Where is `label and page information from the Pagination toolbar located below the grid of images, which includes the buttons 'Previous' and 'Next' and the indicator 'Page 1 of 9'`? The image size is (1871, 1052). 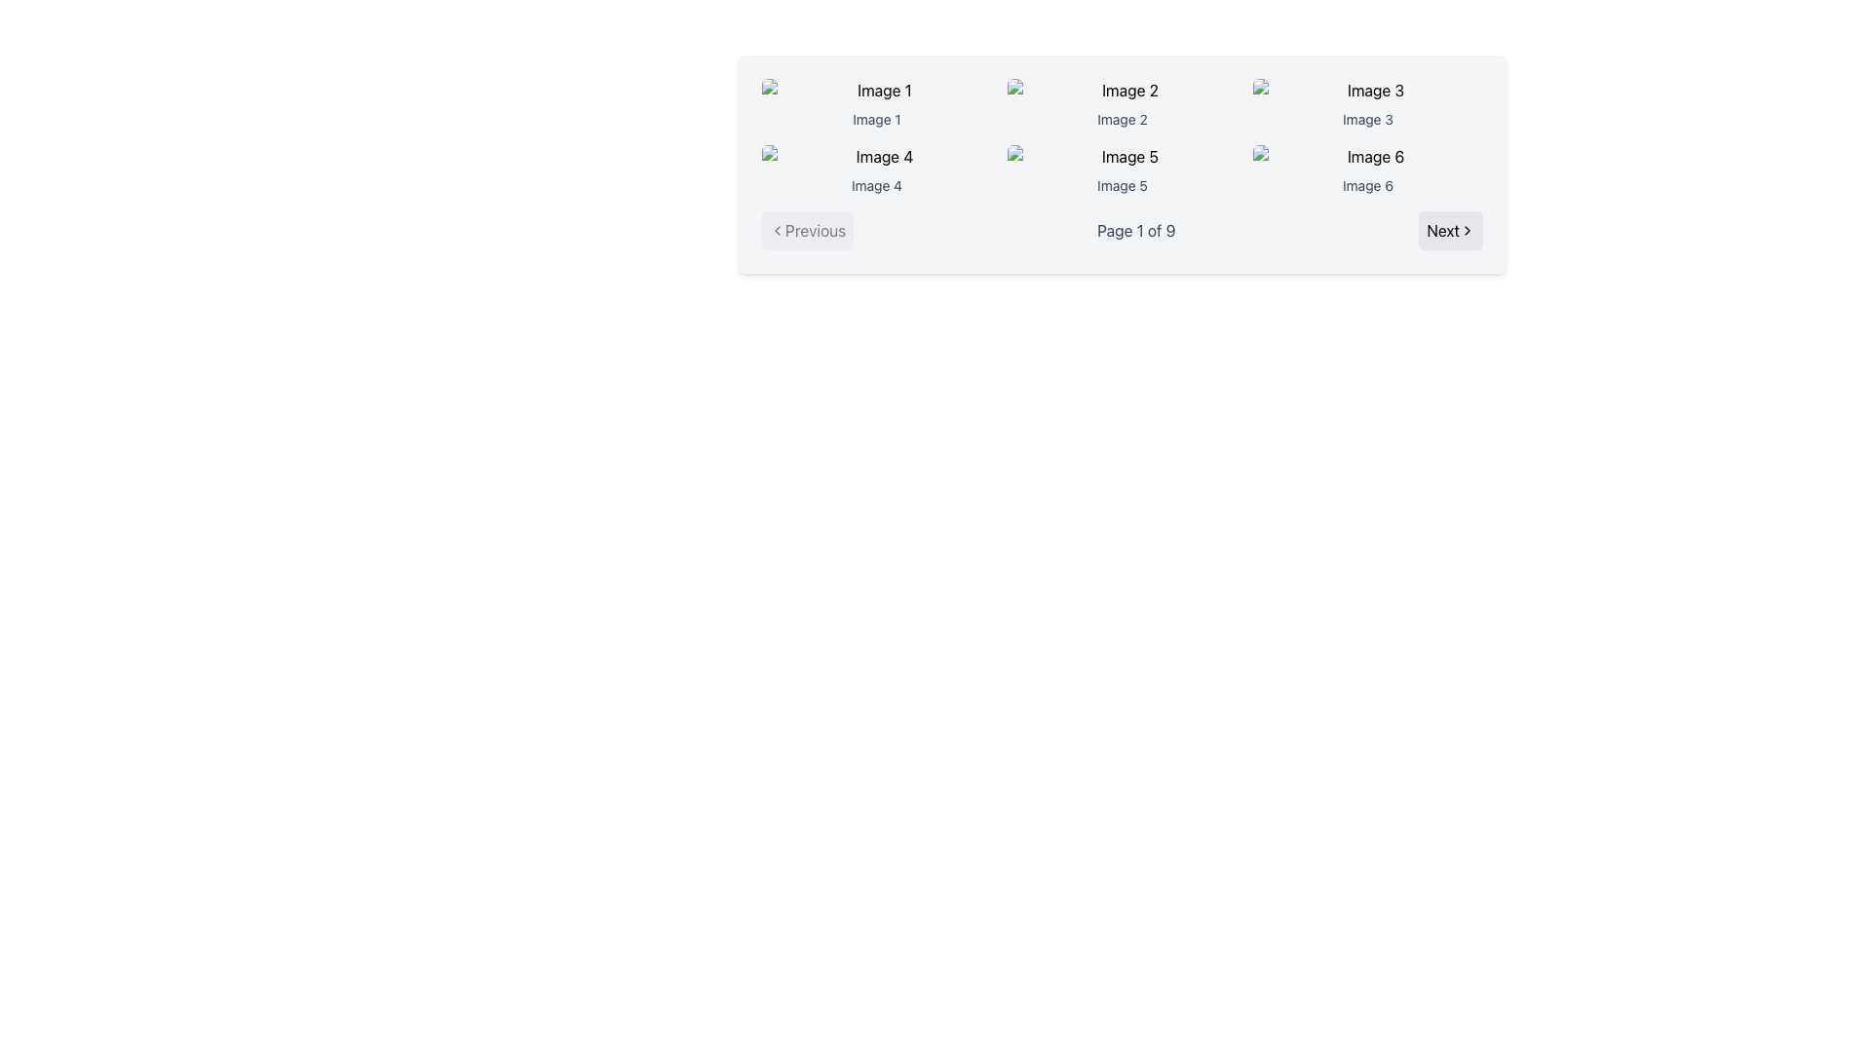 label and page information from the Pagination toolbar located below the grid of images, which includes the buttons 'Previous' and 'Next' and the indicator 'Page 1 of 9' is located at coordinates (1123, 229).